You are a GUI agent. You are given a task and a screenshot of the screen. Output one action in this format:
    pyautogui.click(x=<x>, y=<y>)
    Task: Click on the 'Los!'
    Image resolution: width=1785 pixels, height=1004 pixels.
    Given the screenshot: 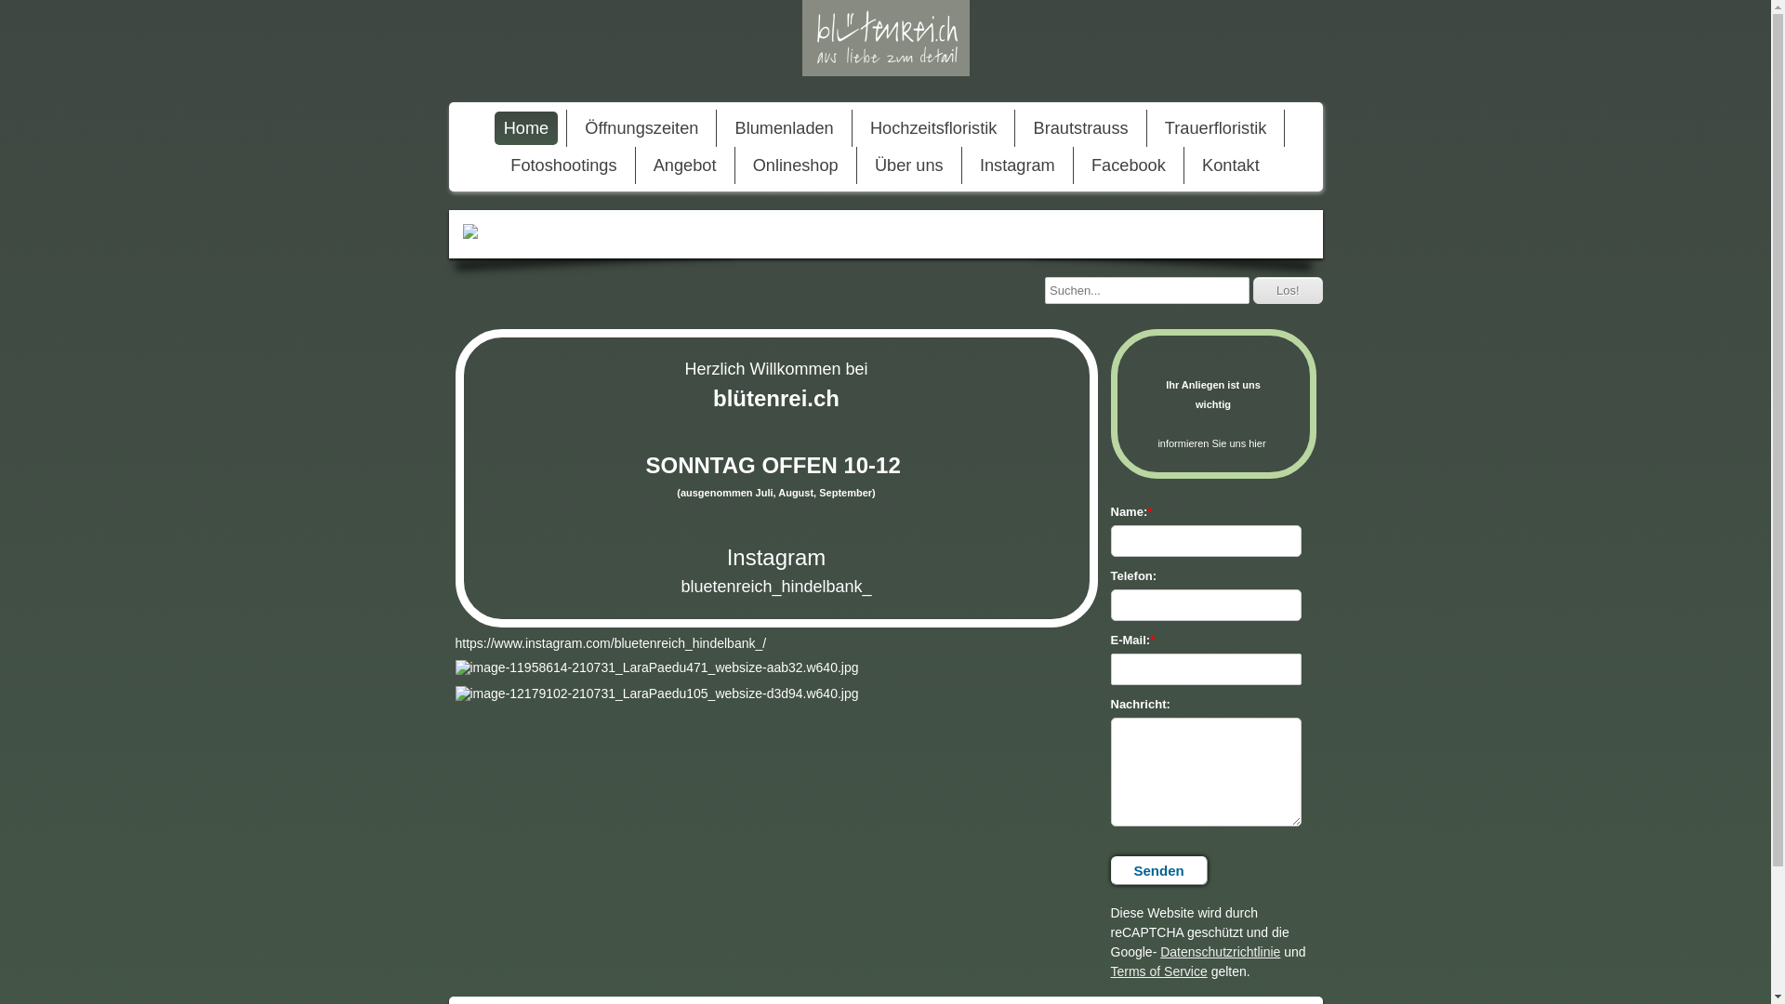 What is the action you would take?
    pyautogui.click(x=1287, y=290)
    